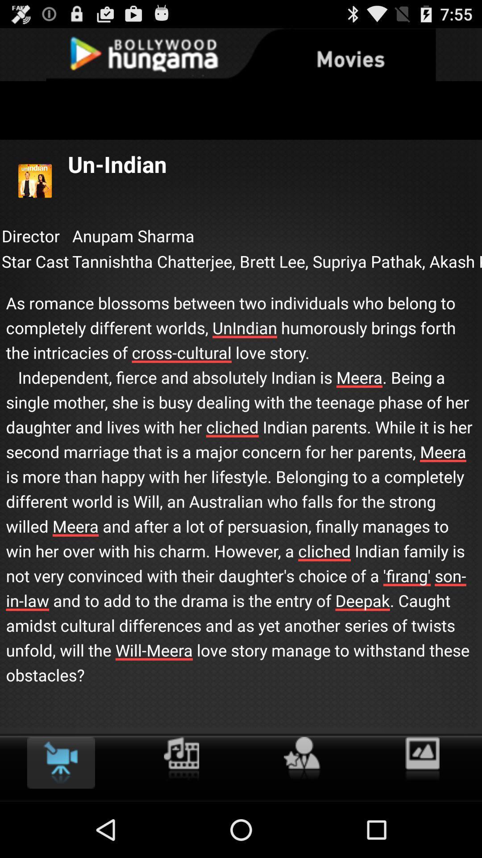 This screenshot has height=858, width=482. What do you see at coordinates (422, 759) in the screenshot?
I see `the item below as romance blossoms` at bounding box center [422, 759].